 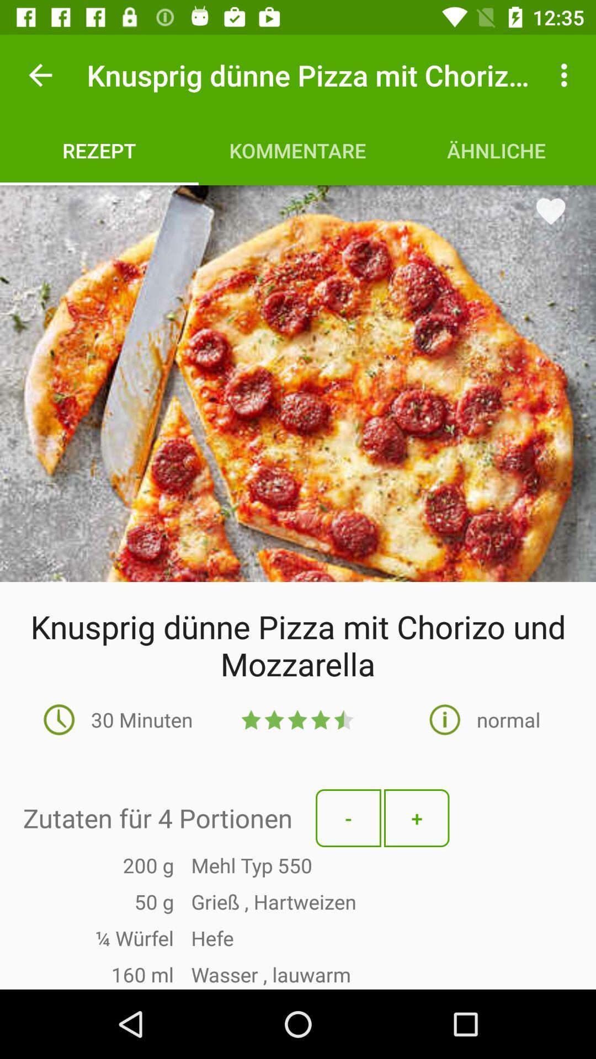 What do you see at coordinates (417, 818) in the screenshot?
I see `+ item` at bounding box center [417, 818].